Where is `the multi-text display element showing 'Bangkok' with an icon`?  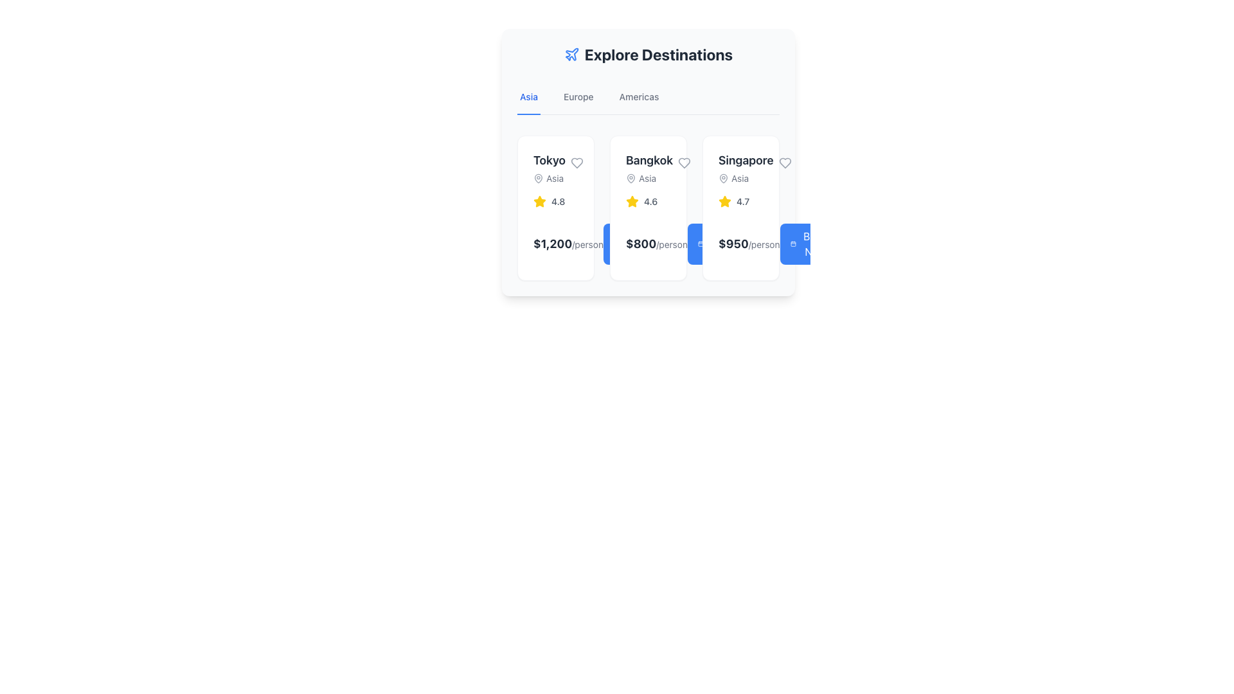
the multi-text display element showing 'Bangkok' with an icon is located at coordinates (648, 168).